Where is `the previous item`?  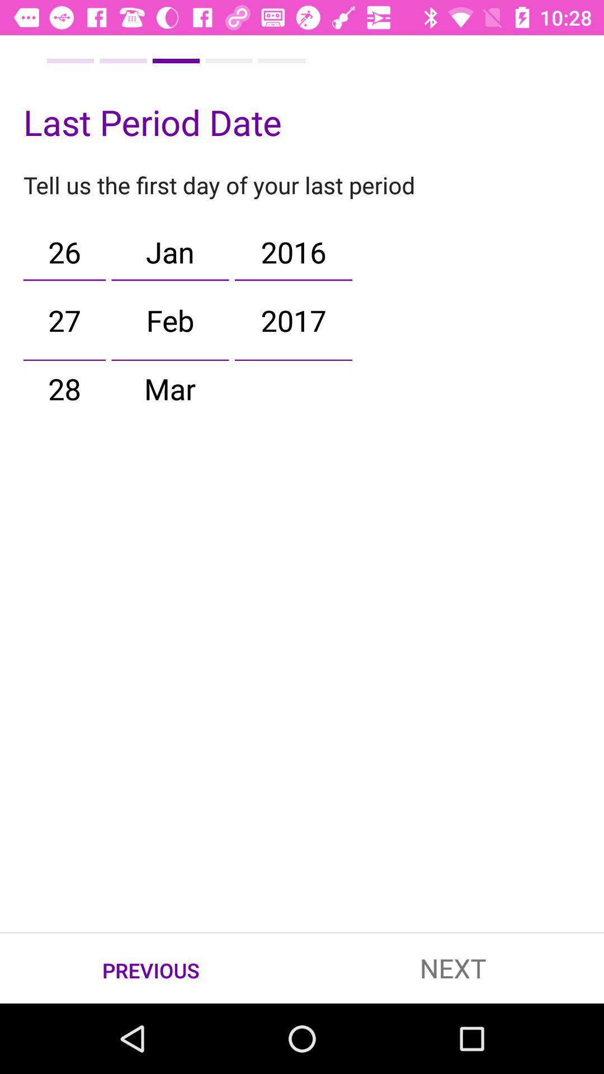
the previous item is located at coordinates (151, 968).